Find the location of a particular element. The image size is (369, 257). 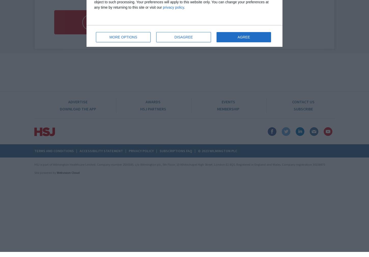

'Webvision Cloud' is located at coordinates (68, 172).